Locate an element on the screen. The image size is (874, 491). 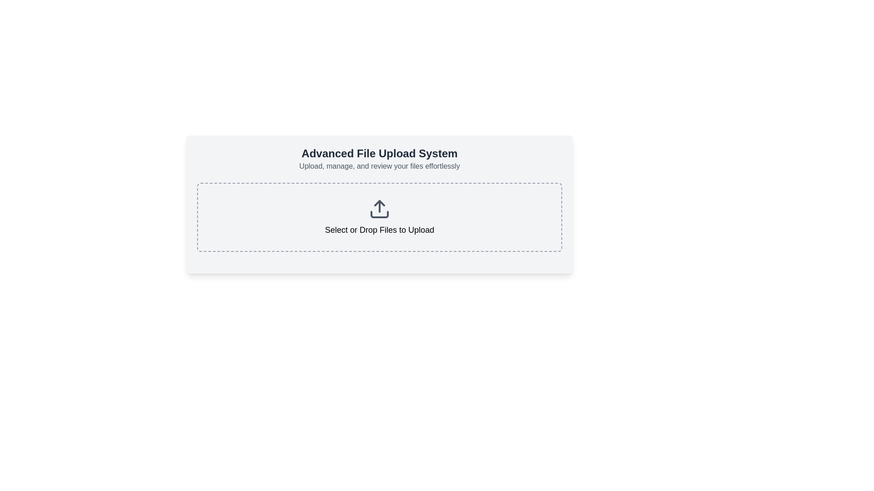
the file upload area with a dropzone feature located within the 'Advanced File Upload System' section is located at coordinates (380, 217).